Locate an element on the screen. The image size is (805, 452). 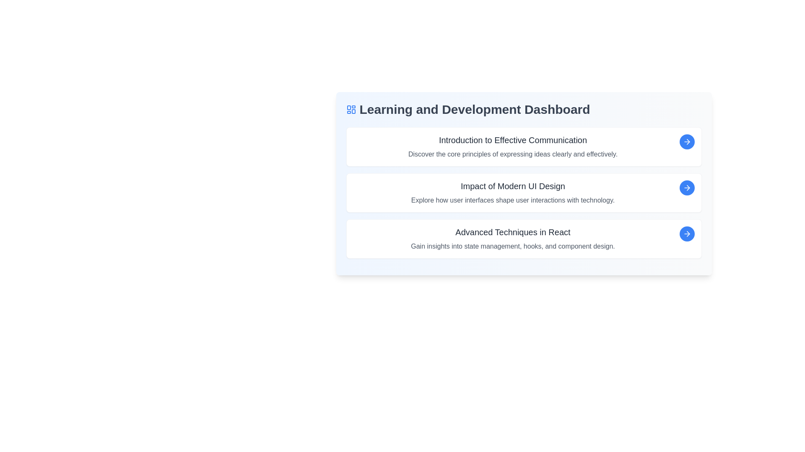
the vibrant blue square icon located in the top-left corner of the header section, preceding the 'Learning and Development Dashboard' text is located at coordinates (351, 109).